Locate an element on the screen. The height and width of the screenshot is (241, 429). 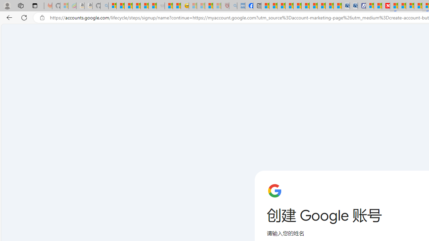
'Cheap Hotels - Save70.com' is located at coordinates (354, 6).